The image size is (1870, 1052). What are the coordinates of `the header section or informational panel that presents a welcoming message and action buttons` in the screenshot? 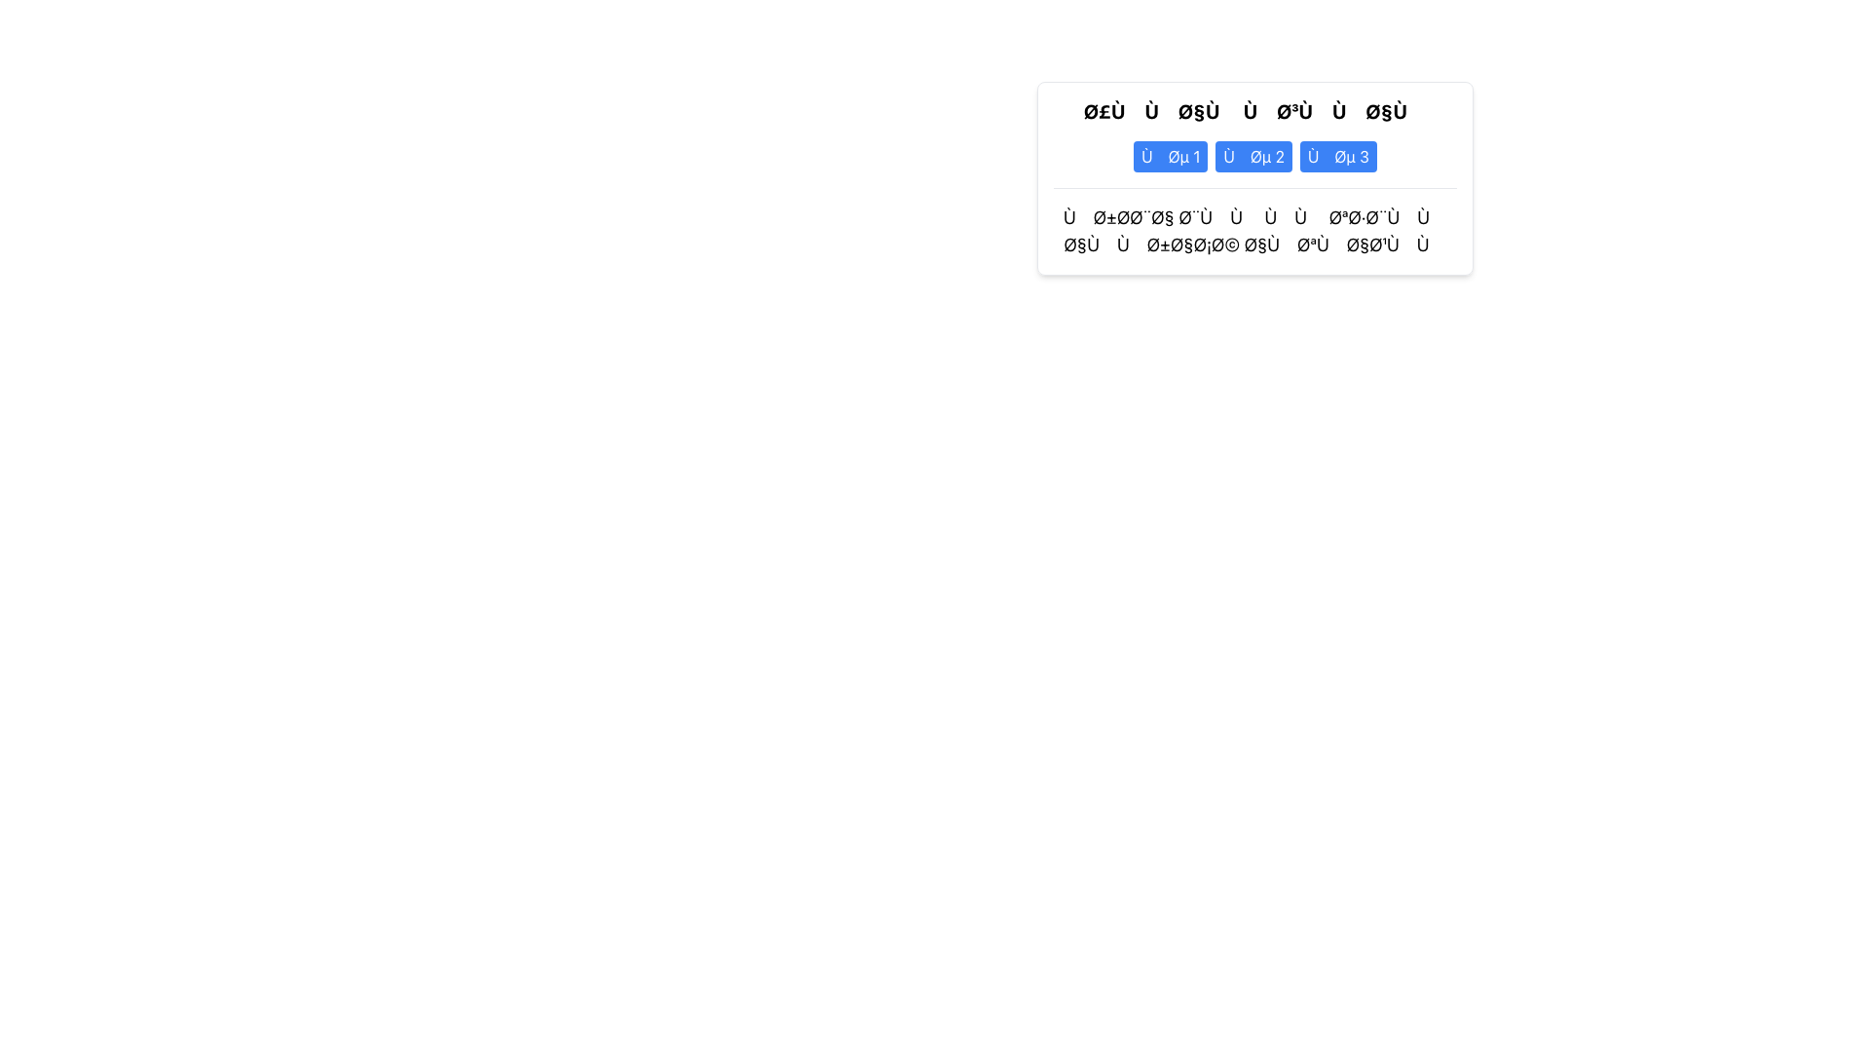 It's located at (1255, 177).